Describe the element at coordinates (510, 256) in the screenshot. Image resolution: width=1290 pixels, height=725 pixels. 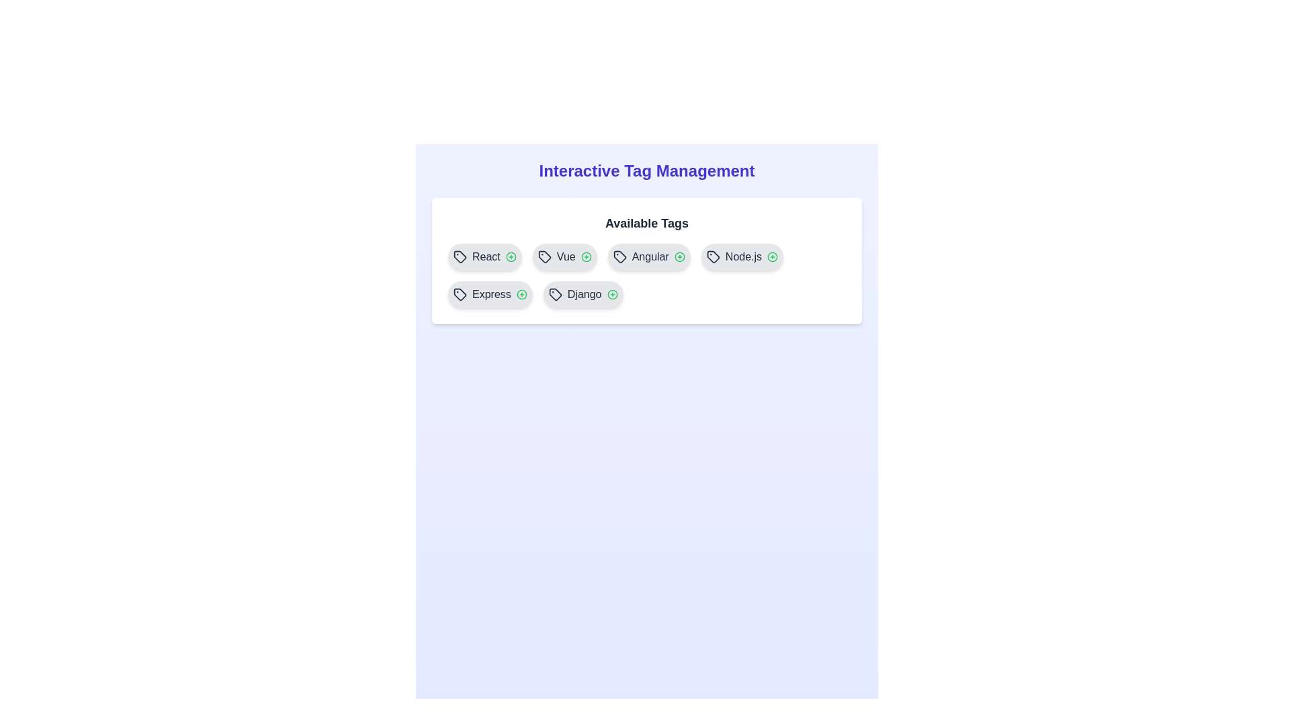
I see `the icon button located adjacent to the 'React' label in the 'Available Tags' section` at that location.